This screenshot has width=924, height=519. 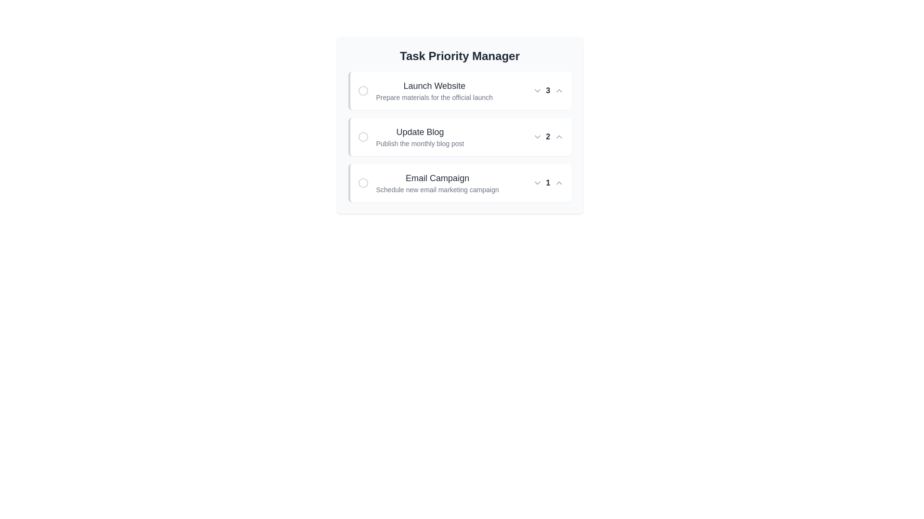 What do you see at coordinates (548, 183) in the screenshot?
I see `style and layout of the numeric value label representing the priority of the 'Email Campaign', located centrally between the downward and upward arrows` at bounding box center [548, 183].